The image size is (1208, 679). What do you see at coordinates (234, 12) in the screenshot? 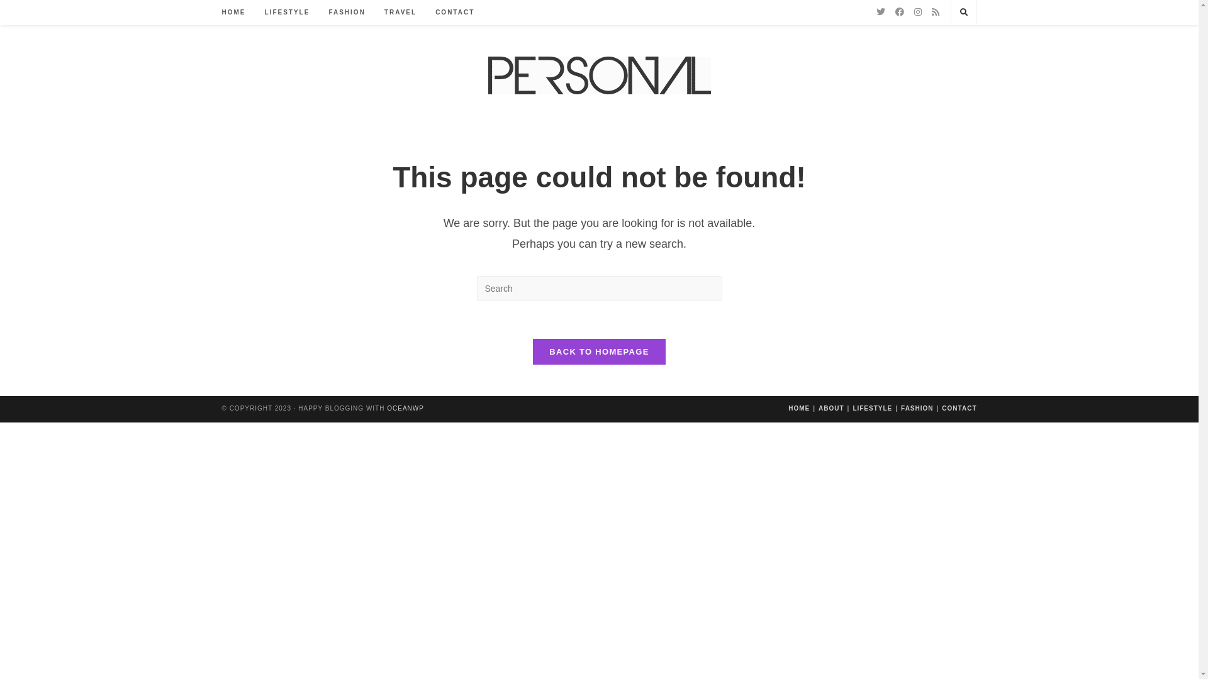
I see `'HOME'` at bounding box center [234, 12].